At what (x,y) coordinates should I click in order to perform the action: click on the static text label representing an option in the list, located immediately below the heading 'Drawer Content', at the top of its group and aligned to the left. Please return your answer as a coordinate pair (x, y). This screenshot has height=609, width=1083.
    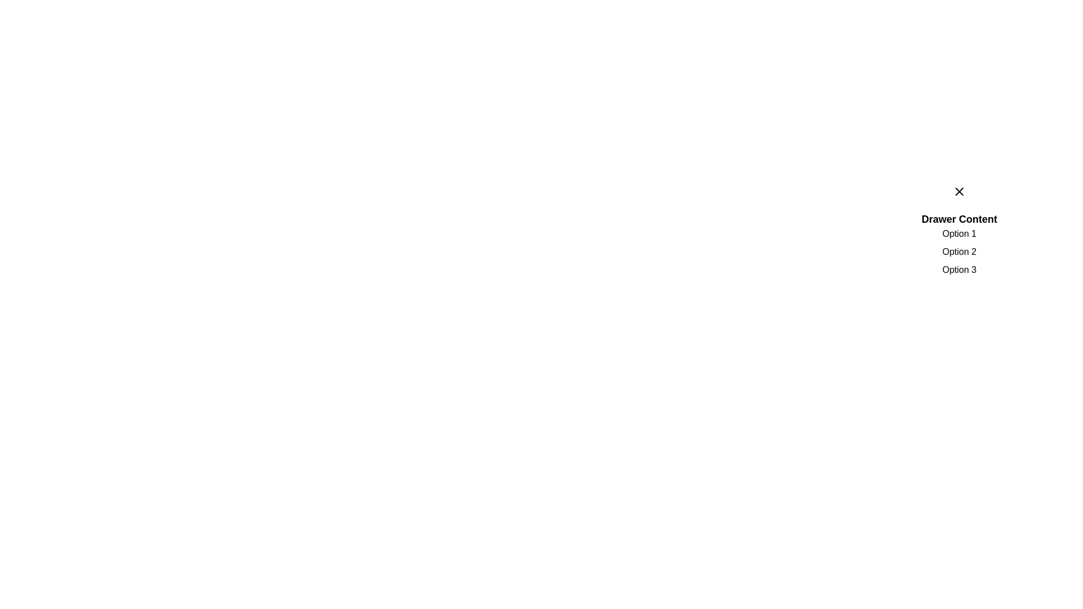
    Looking at the image, I should click on (958, 233).